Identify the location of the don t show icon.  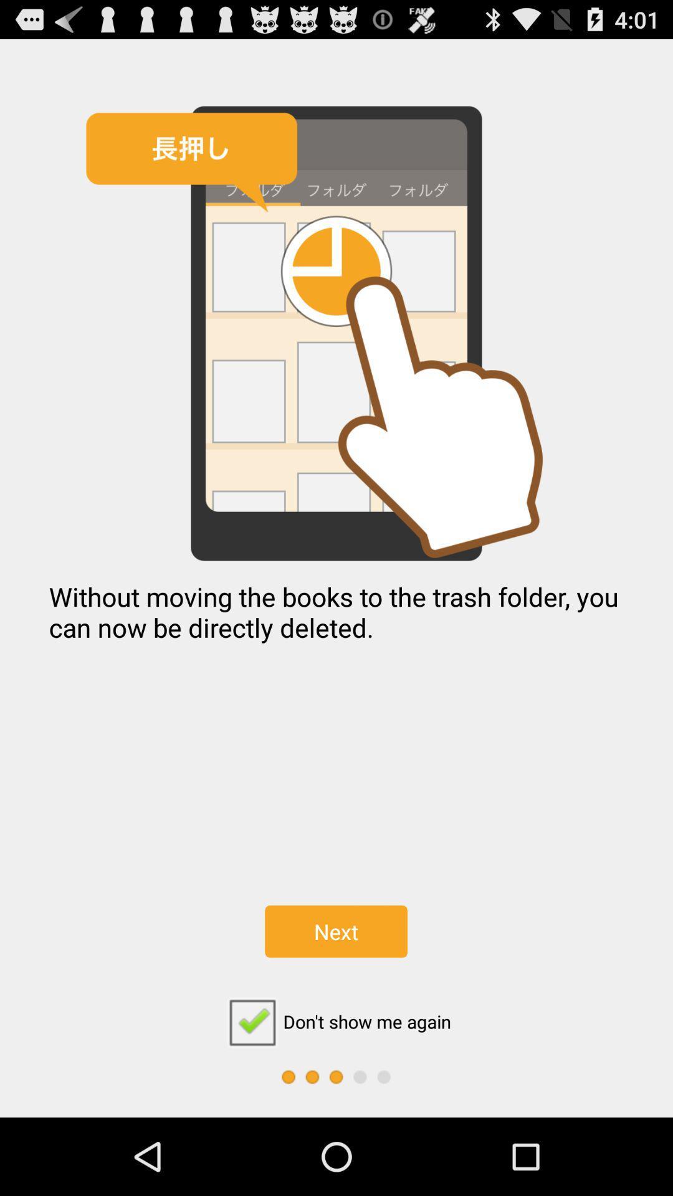
(335, 1022).